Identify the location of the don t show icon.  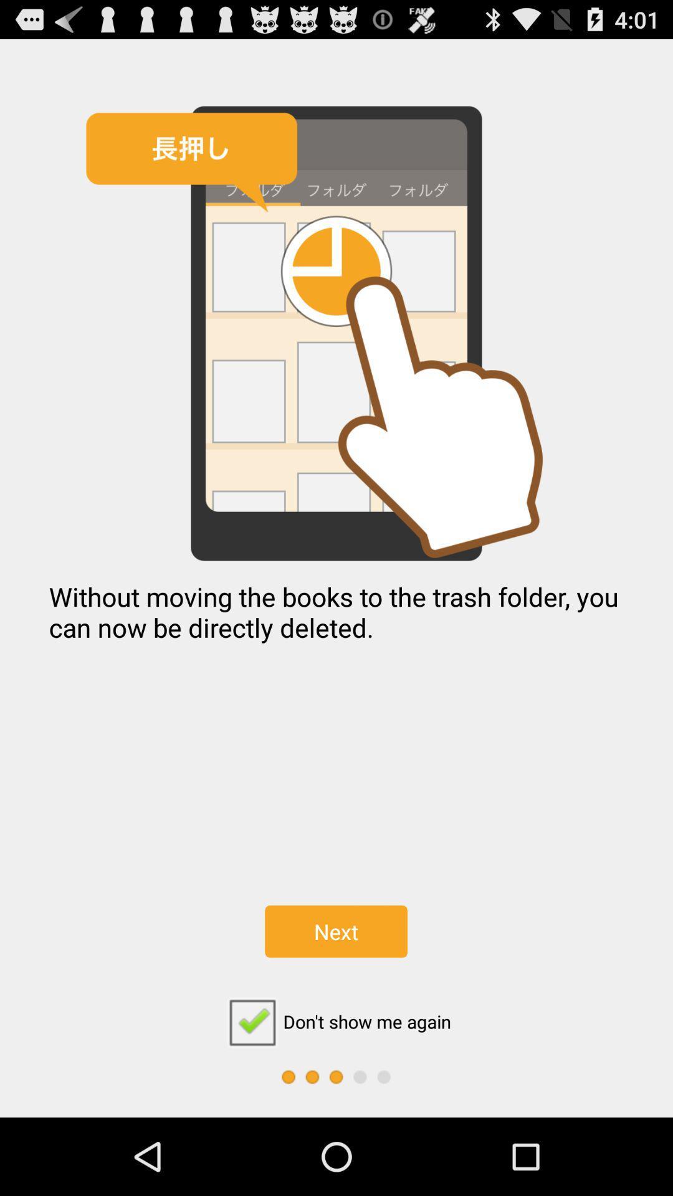
(335, 1022).